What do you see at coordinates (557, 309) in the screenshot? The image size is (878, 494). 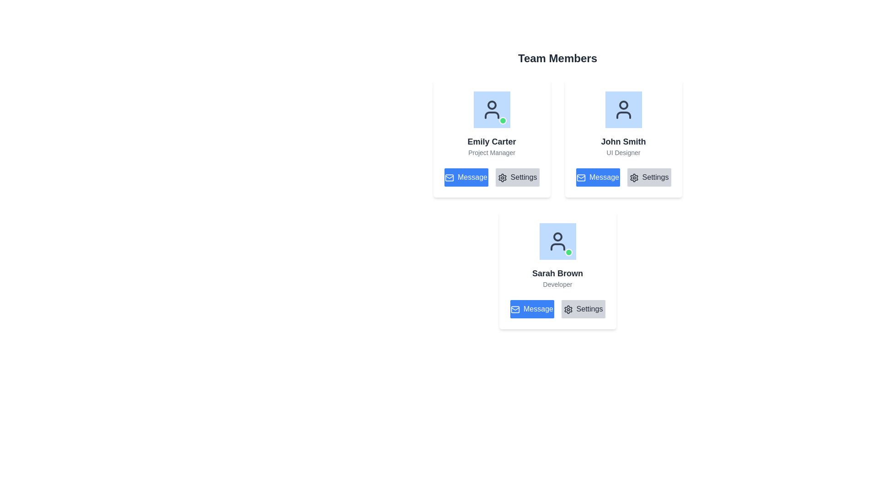 I see `the gray 'Settings' button with a gear icon located at the bottom of the card labeled 'Sarah Brown, Developer'` at bounding box center [557, 309].